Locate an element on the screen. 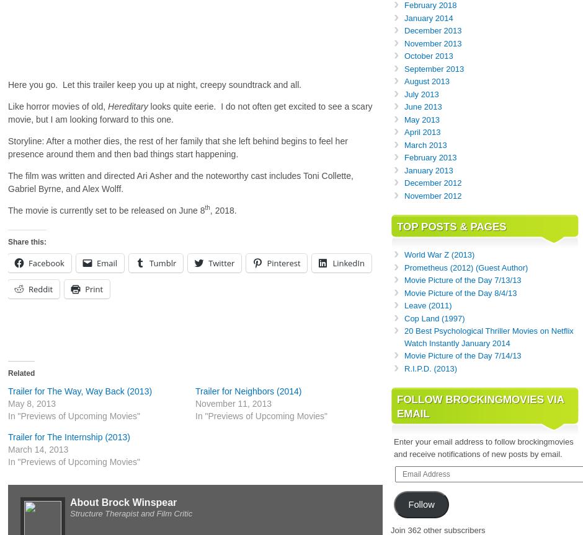 Image resolution: width=583 pixels, height=535 pixels. 'Pinterest' is located at coordinates (283, 263).